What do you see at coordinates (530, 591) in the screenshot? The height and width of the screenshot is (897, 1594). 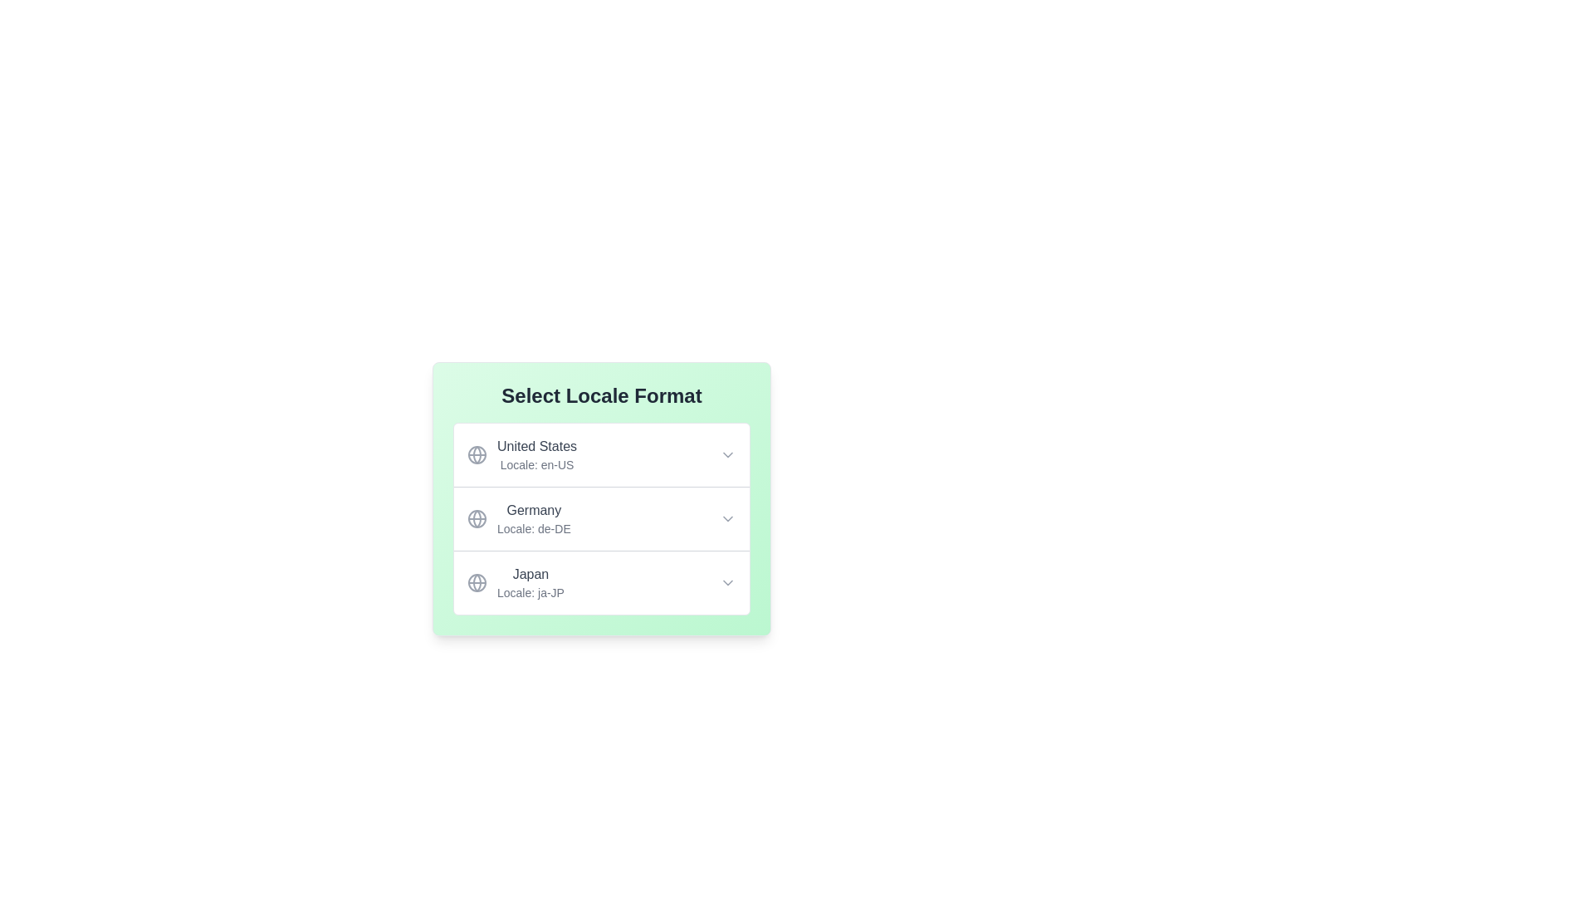 I see `the text label displaying 'Locale: ja-JP', which is located directly below the 'Japan' header and provides additional detail about the selected locale` at bounding box center [530, 591].